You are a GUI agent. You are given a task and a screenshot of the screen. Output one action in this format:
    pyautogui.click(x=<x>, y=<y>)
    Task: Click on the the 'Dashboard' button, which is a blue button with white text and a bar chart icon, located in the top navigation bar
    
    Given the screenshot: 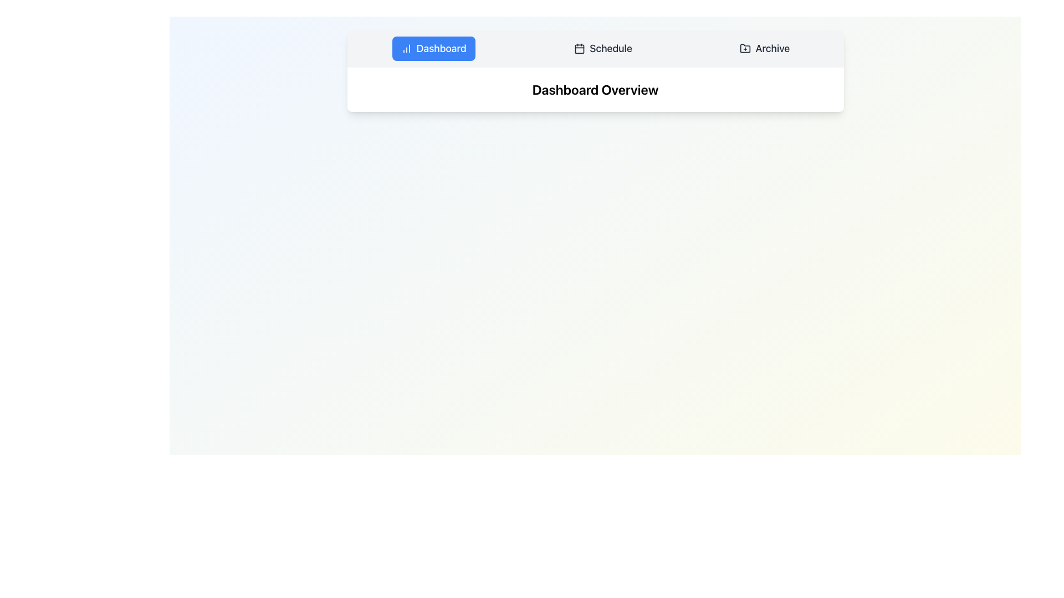 What is the action you would take?
    pyautogui.click(x=433, y=48)
    